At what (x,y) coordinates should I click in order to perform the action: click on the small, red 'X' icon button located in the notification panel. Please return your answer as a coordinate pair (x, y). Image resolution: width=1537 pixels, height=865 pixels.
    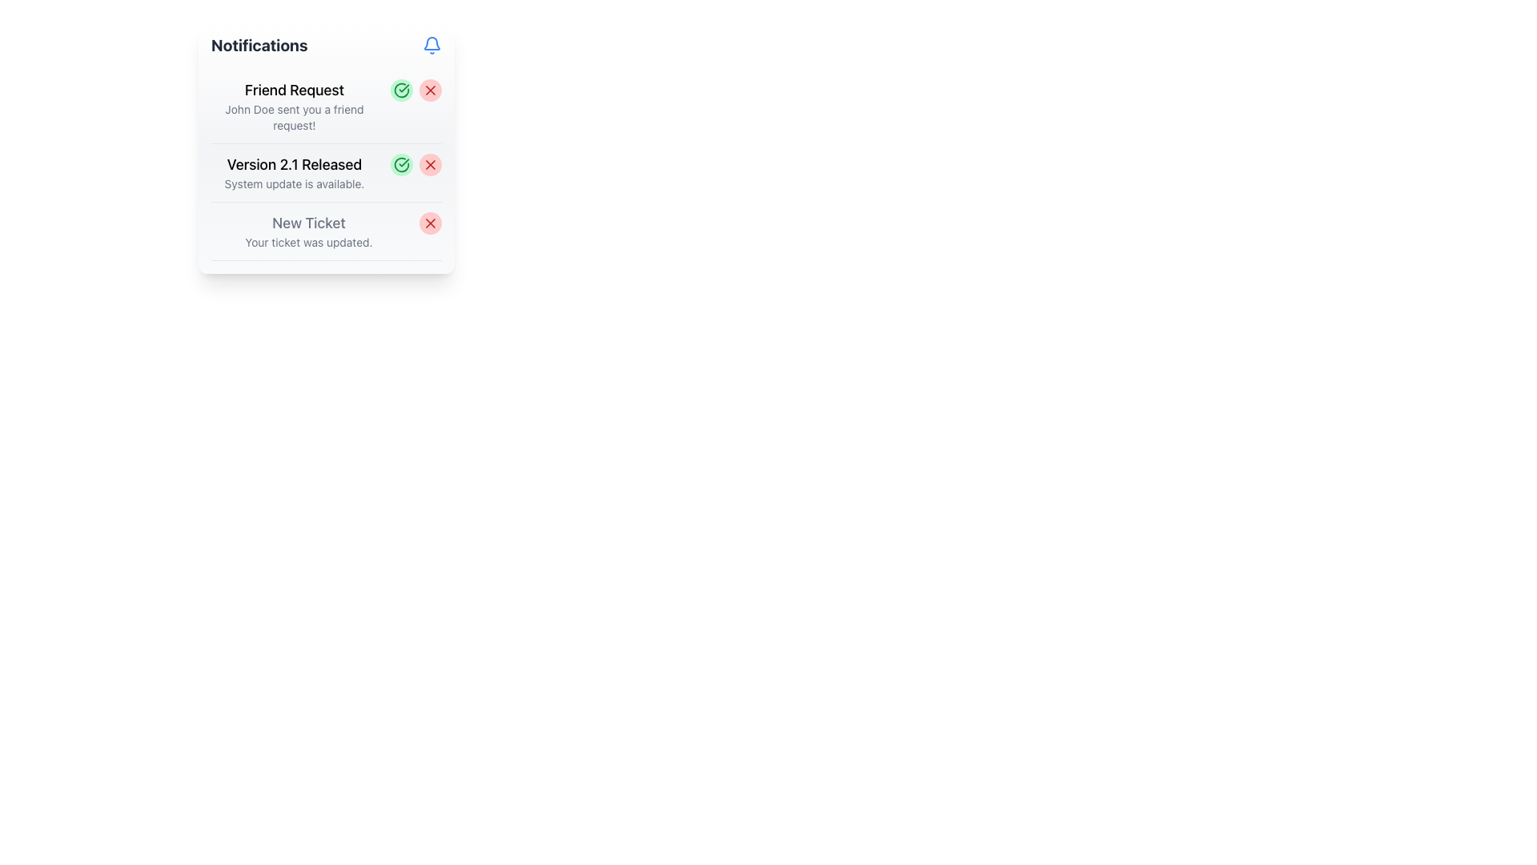
    Looking at the image, I should click on (430, 164).